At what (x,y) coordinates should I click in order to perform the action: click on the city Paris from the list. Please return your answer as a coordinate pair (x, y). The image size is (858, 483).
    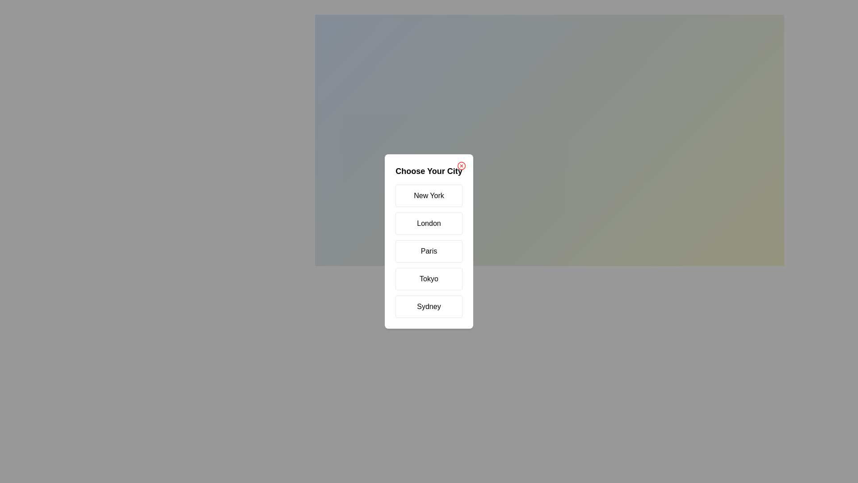
    Looking at the image, I should click on (429, 251).